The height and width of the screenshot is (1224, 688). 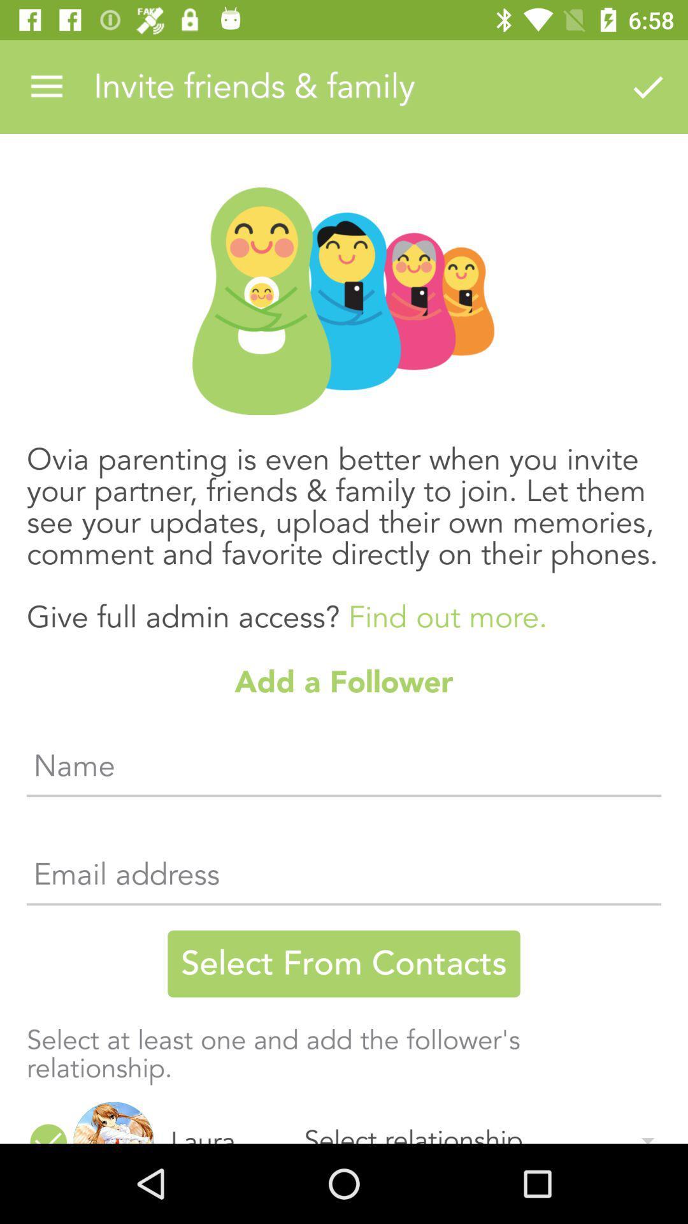 What do you see at coordinates (344, 525) in the screenshot?
I see `the ovia parenting is item` at bounding box center [344, 525].